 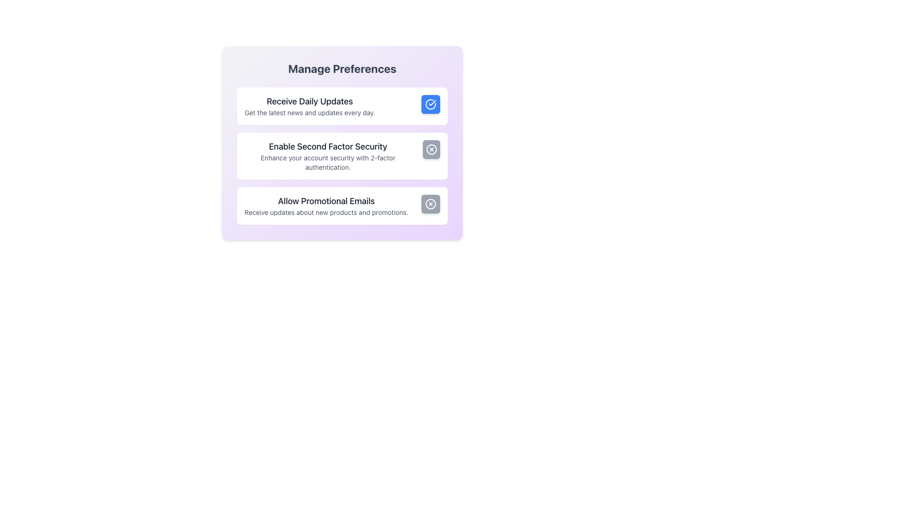 I want to click on the icon indicating the 'Enable Second Factor Security' option, located on the right side of the second option in the vertical stack within the modal box, so click(x=431, y=149).